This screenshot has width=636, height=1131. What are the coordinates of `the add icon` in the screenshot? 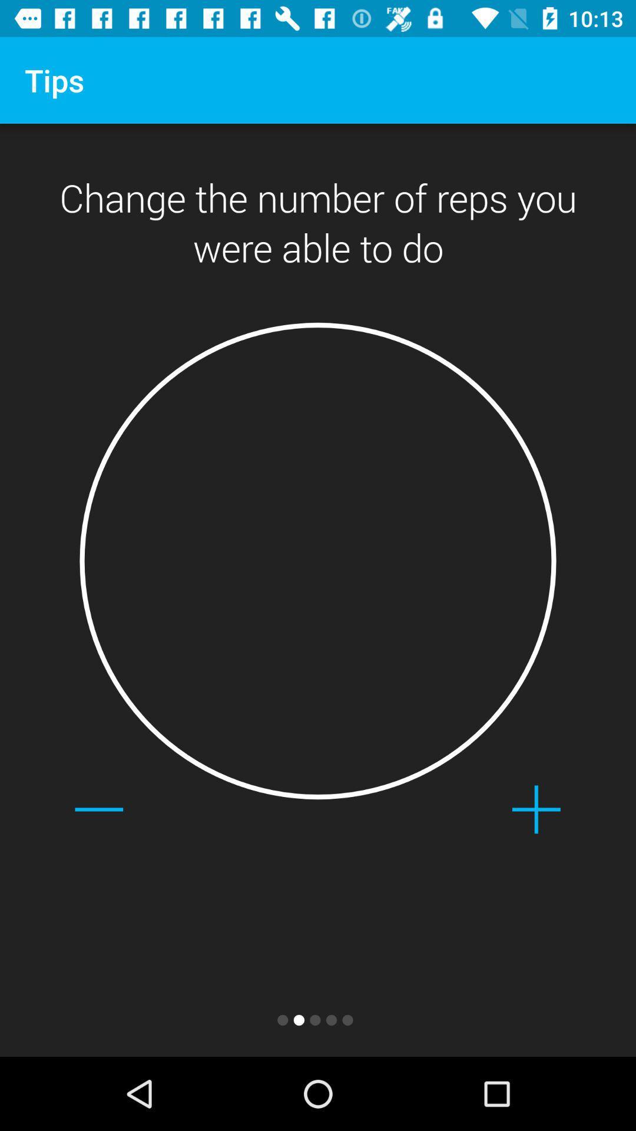 It's located at (536, 809).